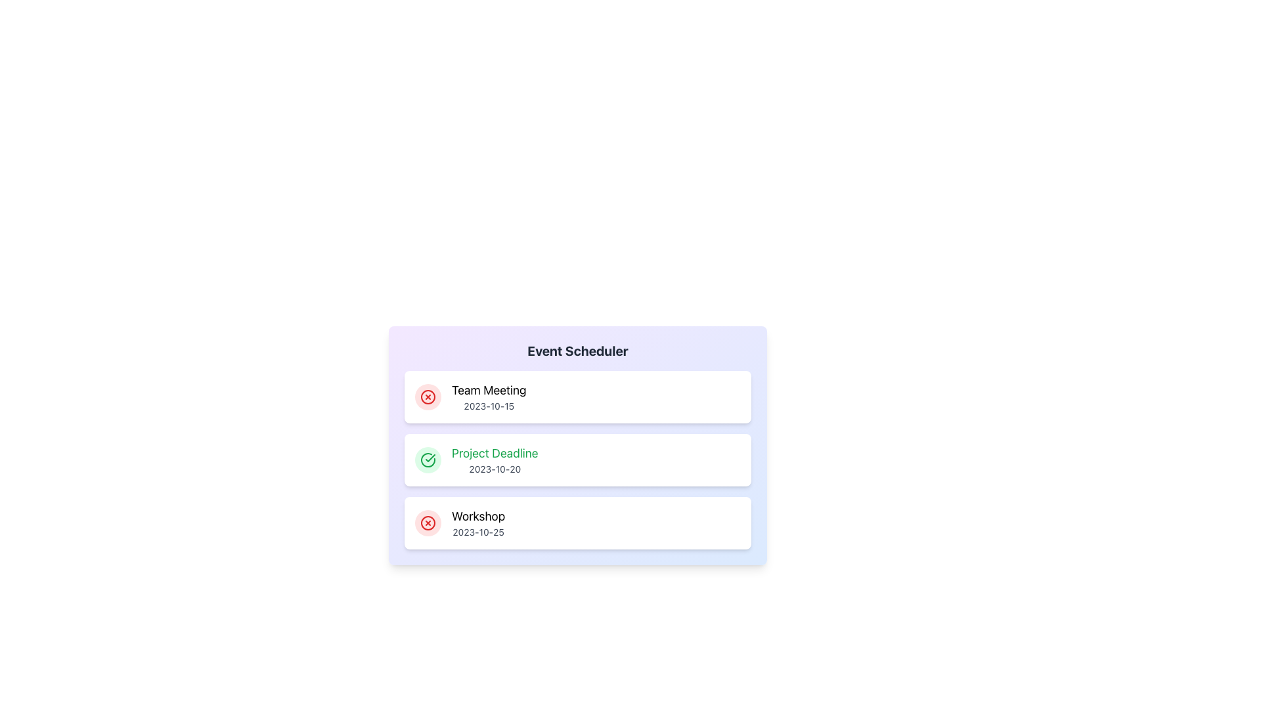  I want to click on the text block displaying the event titled 'Project Deadline' scheduled for '2023-10-20', which is located in the 'Event Scheduler' section, below the 'Team Meeting' entry and above the 'Workshop' entry, so click(494, 460).